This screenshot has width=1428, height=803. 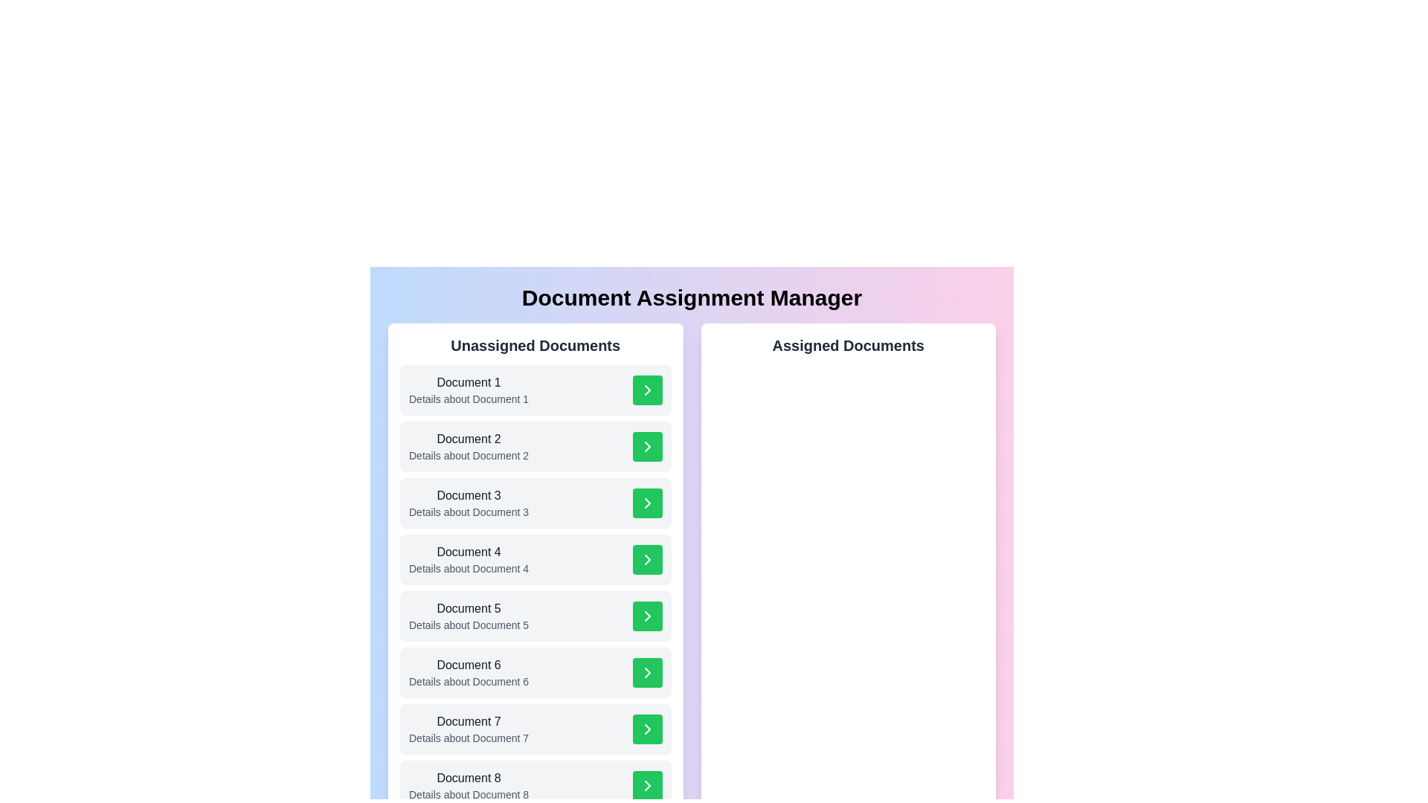 What do you see at coordinates (468, 382) in the screenshot?
I see `the text label element displaying 'Document 1' in bold dark gray font, located above the details in the 'Unassigned Documents' list` at bounding box center [468, 382].